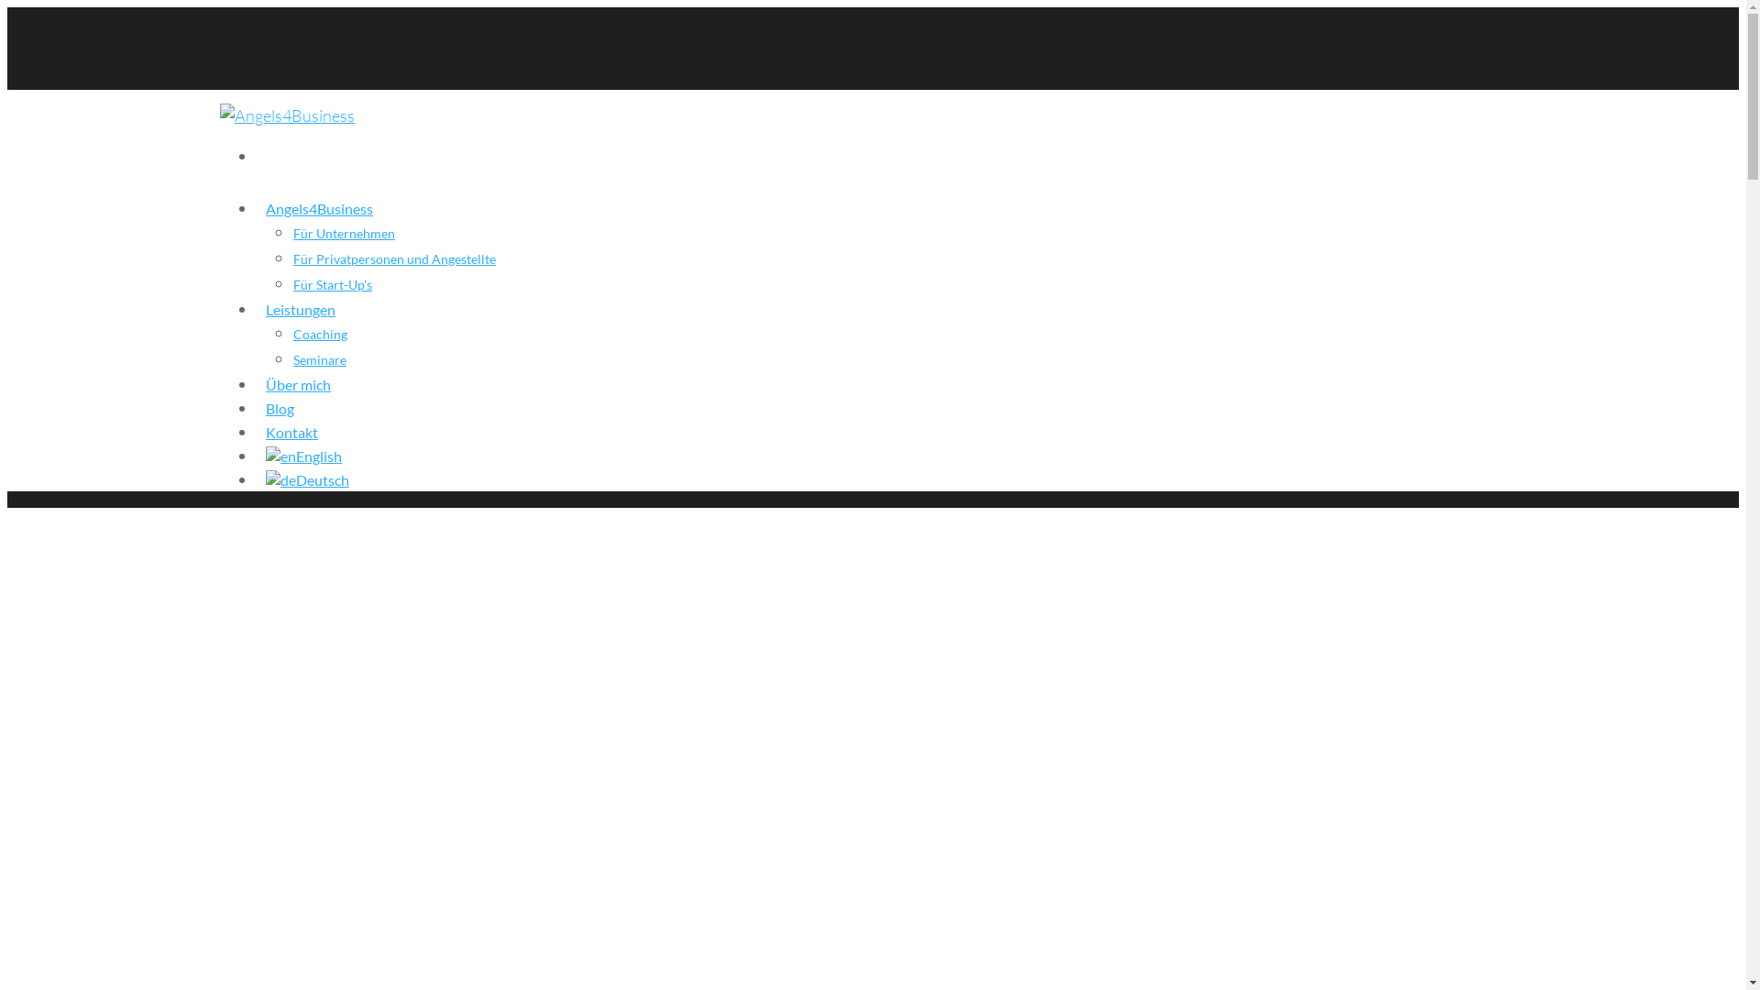 The image size is (1760, 990). I want to click on 'Deutsch', so click(280, 479).